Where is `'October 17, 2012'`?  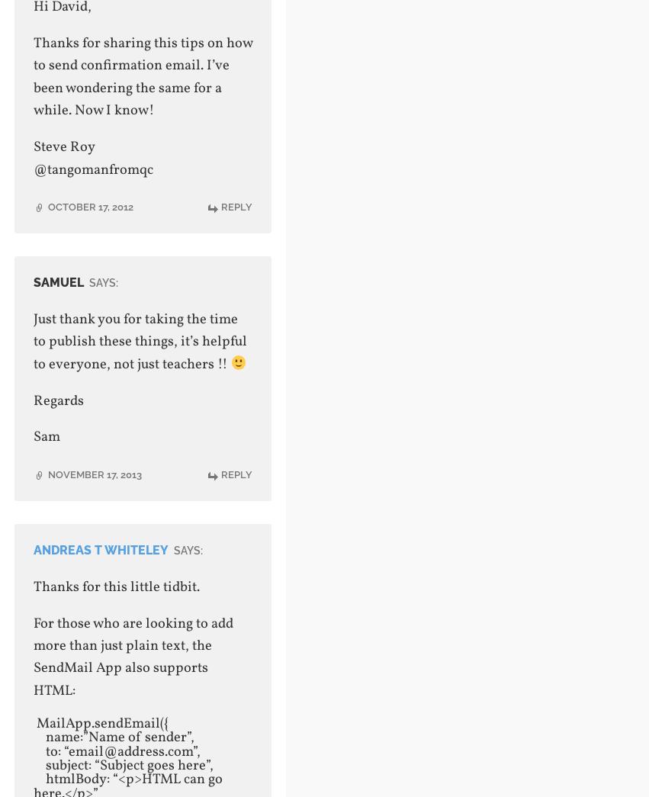 'October 17, 2012' is located at coordinates (47, 206).